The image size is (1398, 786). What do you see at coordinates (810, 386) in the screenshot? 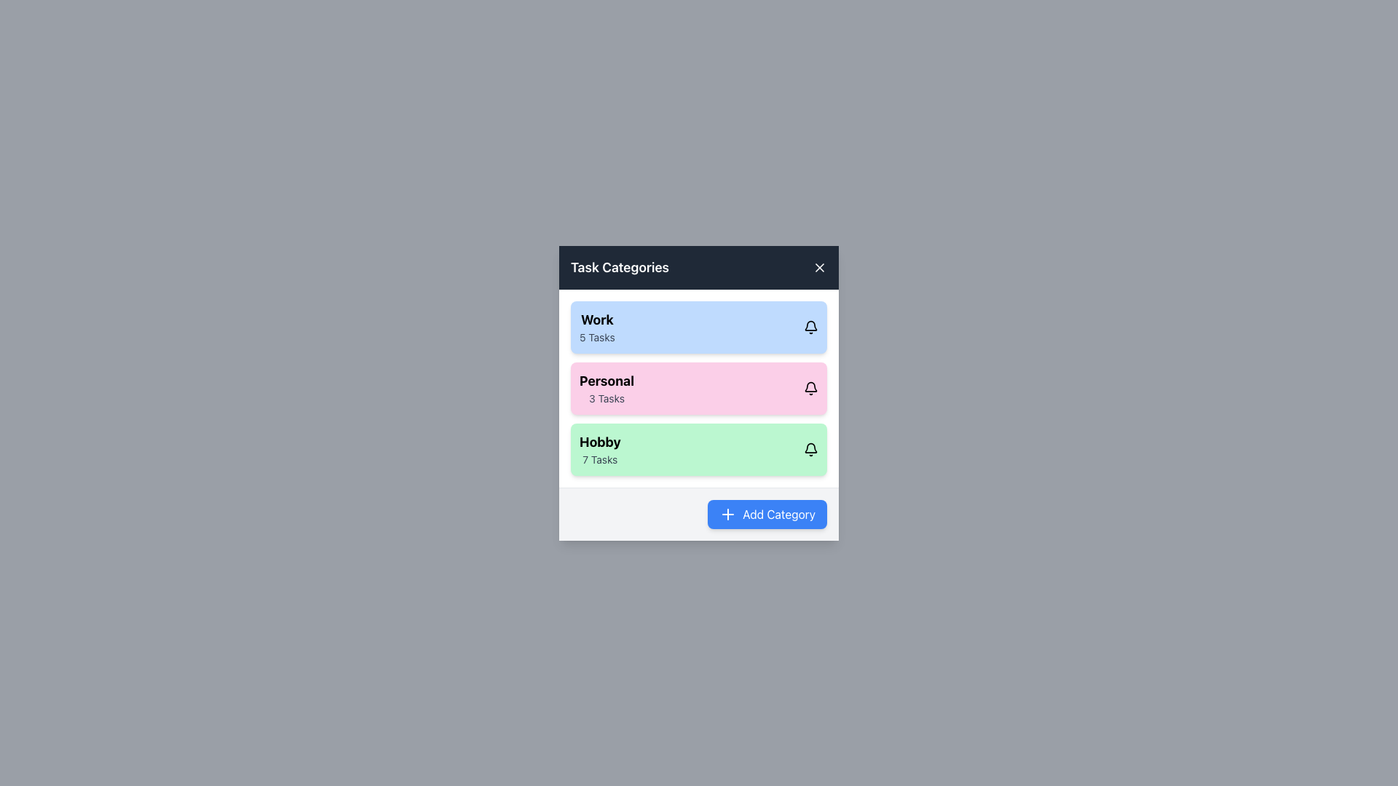
I see `the pink-colored notification icon associated with the 'Personal' task category, which is positioned below the blue 'Work' icon and above the green 'Hobby' icon` at bounding box center [810, 386].